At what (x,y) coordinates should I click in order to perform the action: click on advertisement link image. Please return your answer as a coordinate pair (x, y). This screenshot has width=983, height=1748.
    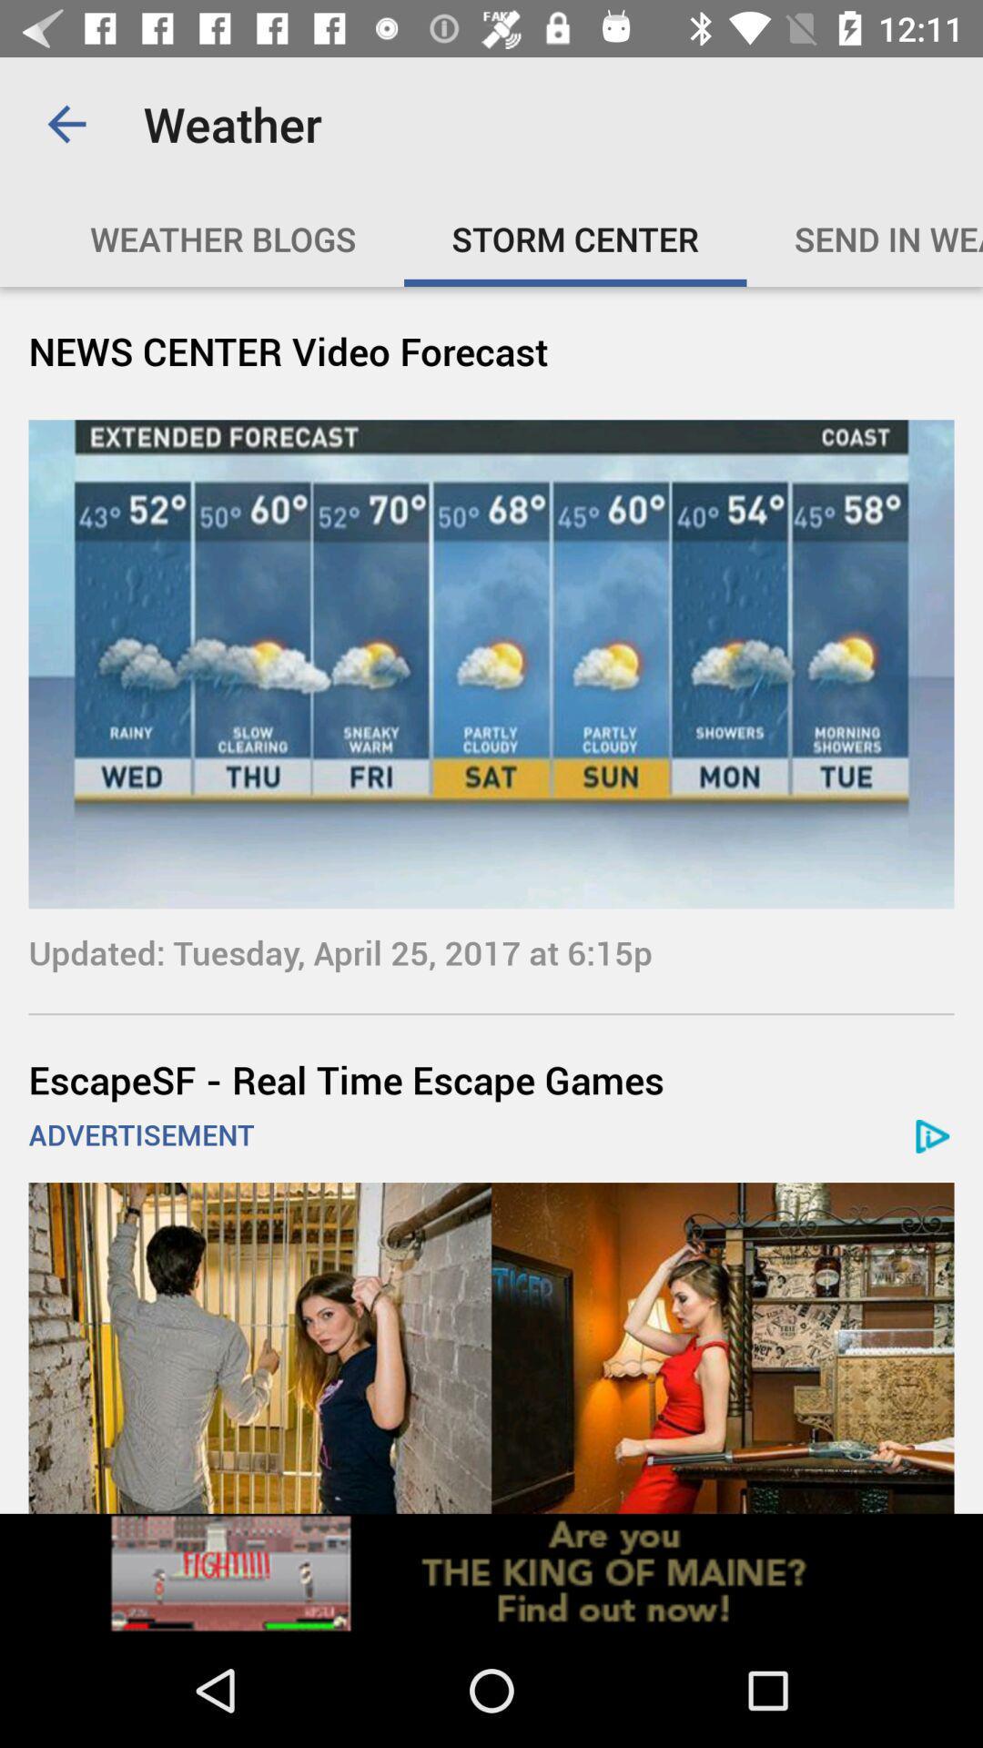
    Looking at the image, I should click on (491, 1572).